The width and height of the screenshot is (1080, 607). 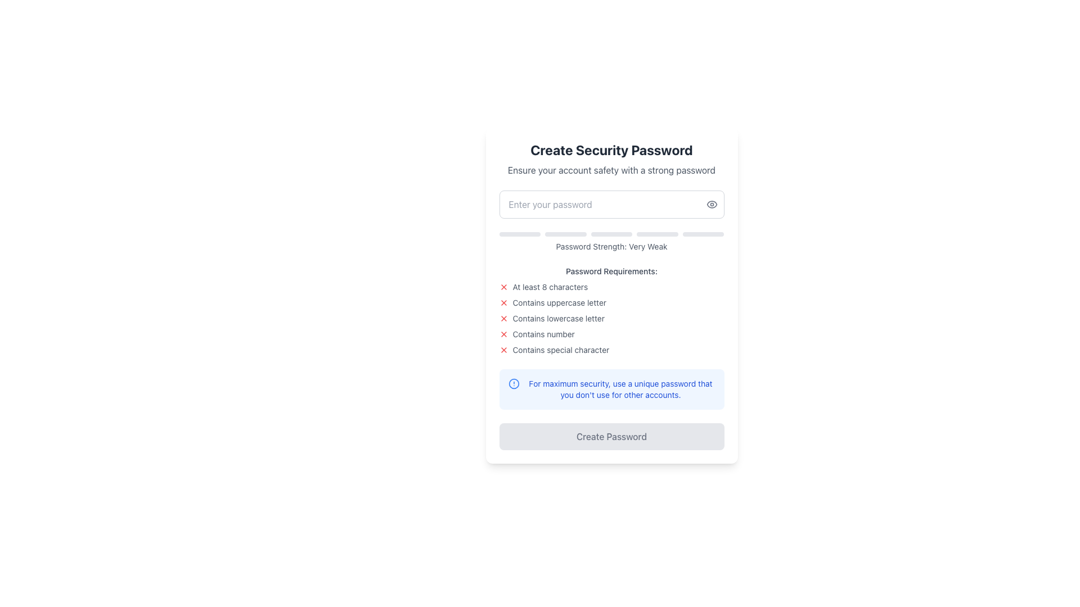 I want to click on the text label 'Password Requirements:' which is styled with a smaller font and medium weight, located beneath the 'Password Strength' indicator section, so click(x=611, y=271).